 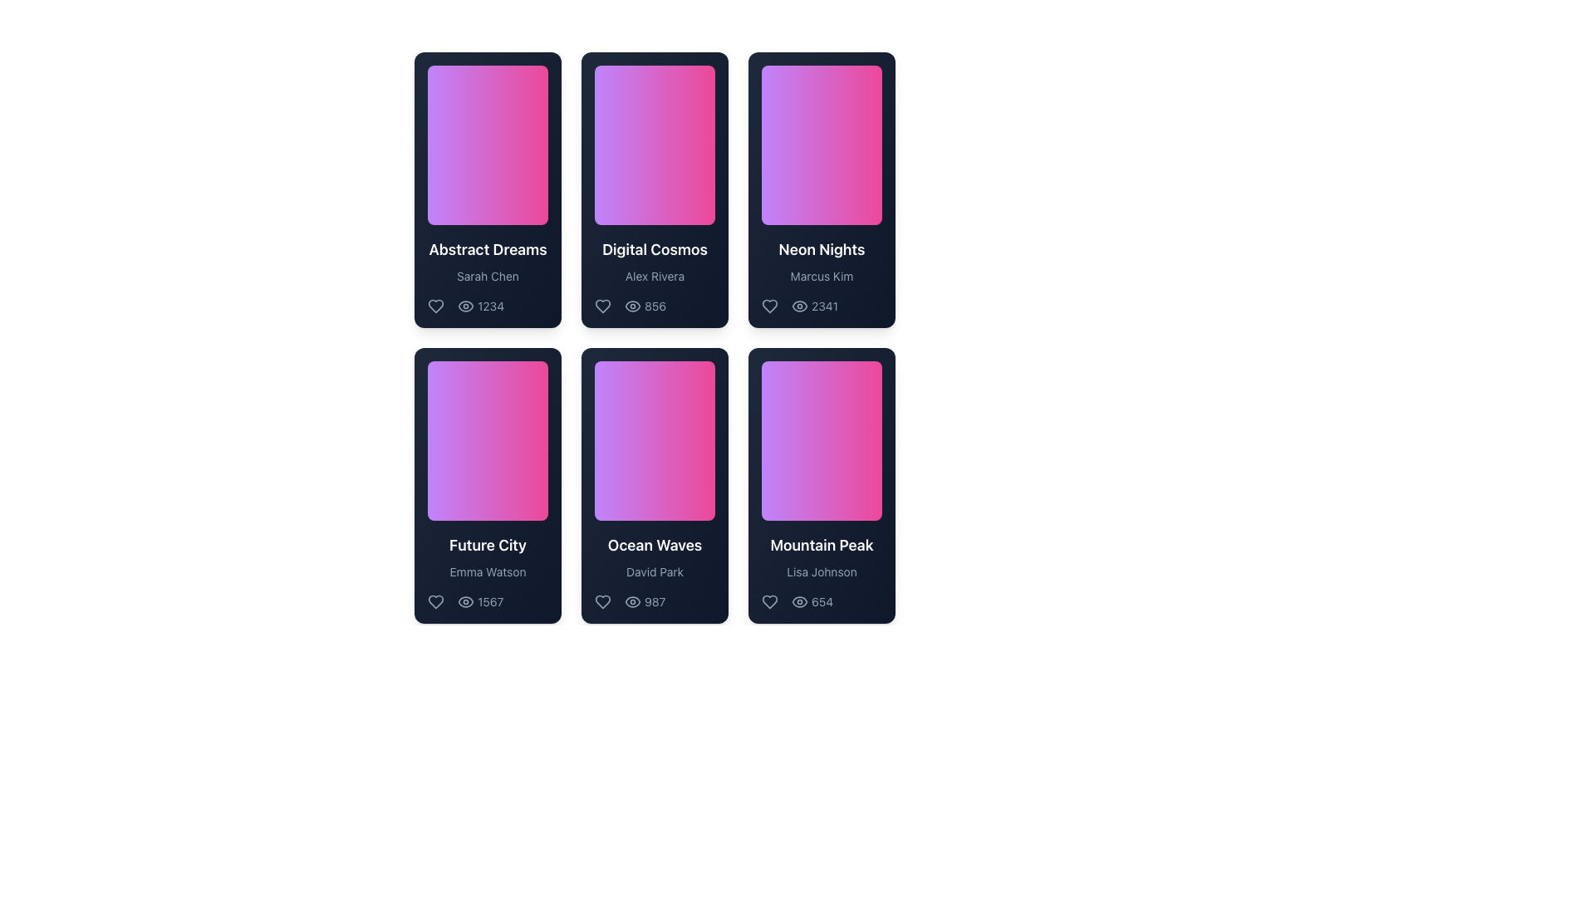 What do you see at coordinates (654, 306) in the screenshot?
I see `the views label located at the bottom-right section of the 'Digital Cosmos' card, which displays the number of views associated with the card contents` at bounding box center [654, 306].